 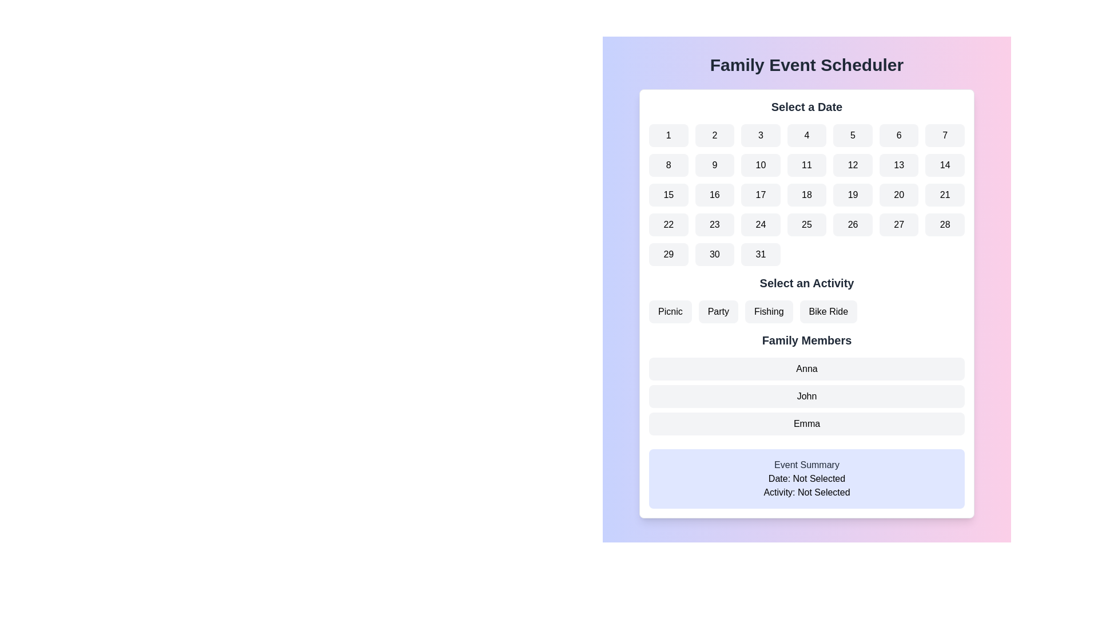 I want to click on the square button with a light gray rounded rectangular background that has the number '17' in bold black text, positioned in the third row and third column of a 7x5 grid, so click(x=761, y=194).